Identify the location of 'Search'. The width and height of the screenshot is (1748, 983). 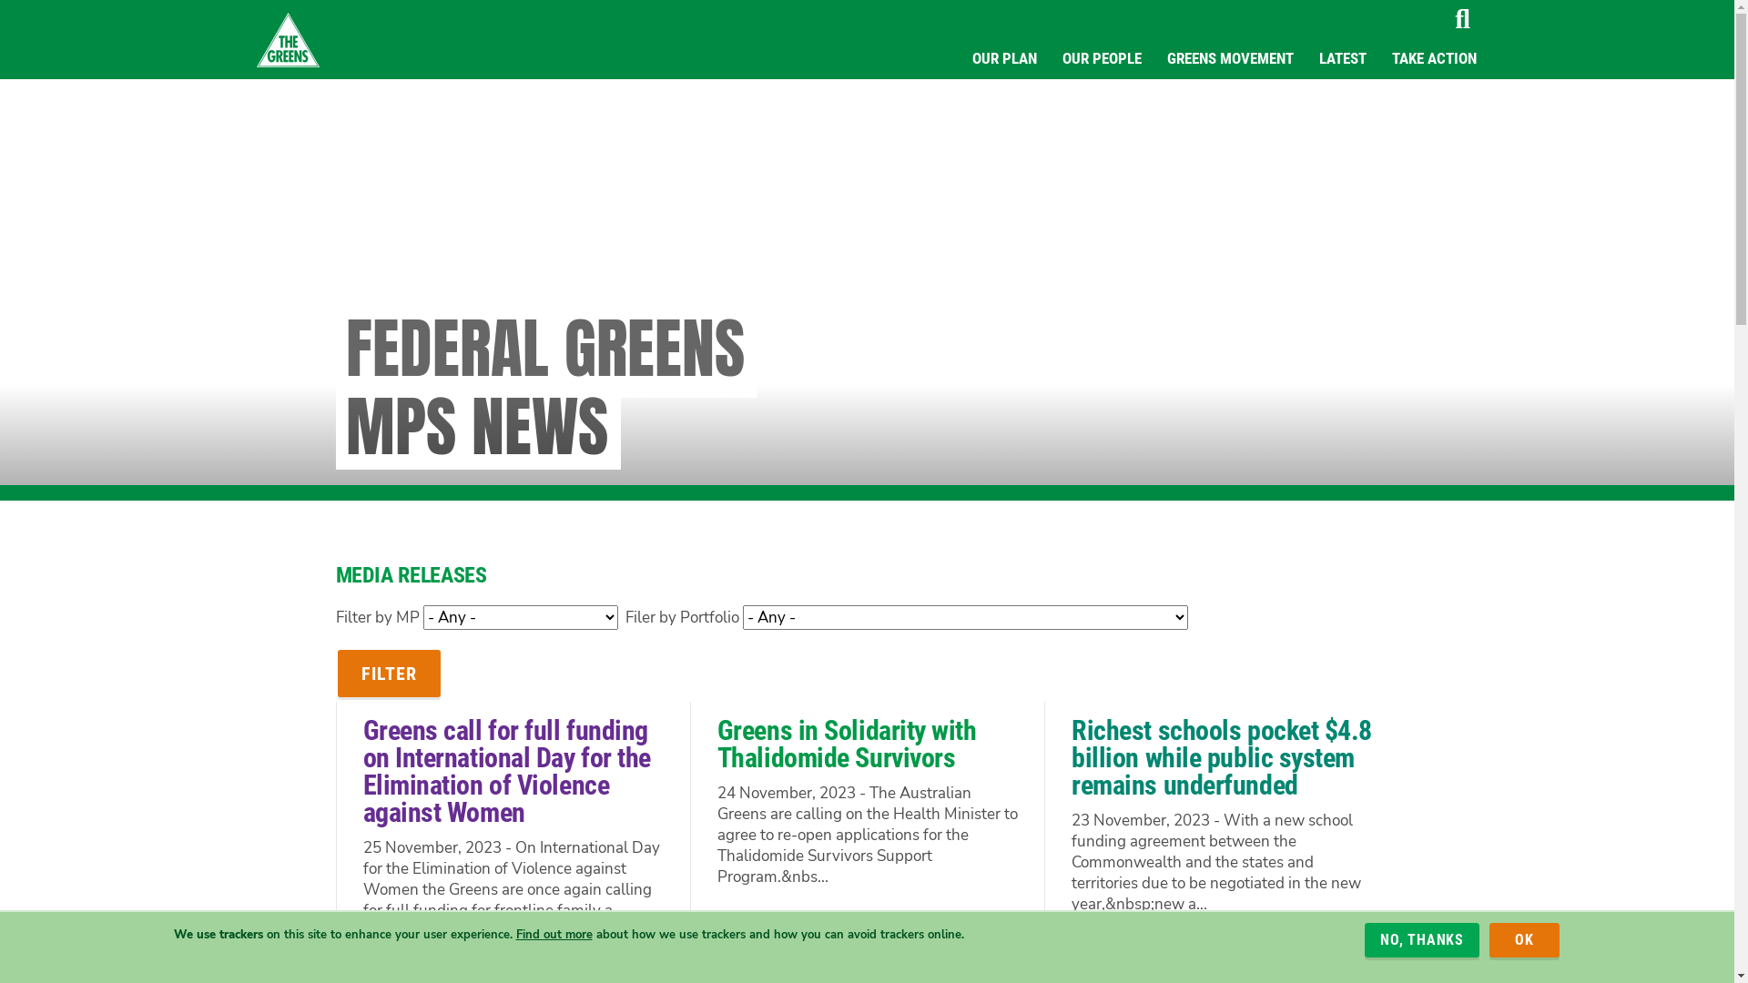
(1461, 18).